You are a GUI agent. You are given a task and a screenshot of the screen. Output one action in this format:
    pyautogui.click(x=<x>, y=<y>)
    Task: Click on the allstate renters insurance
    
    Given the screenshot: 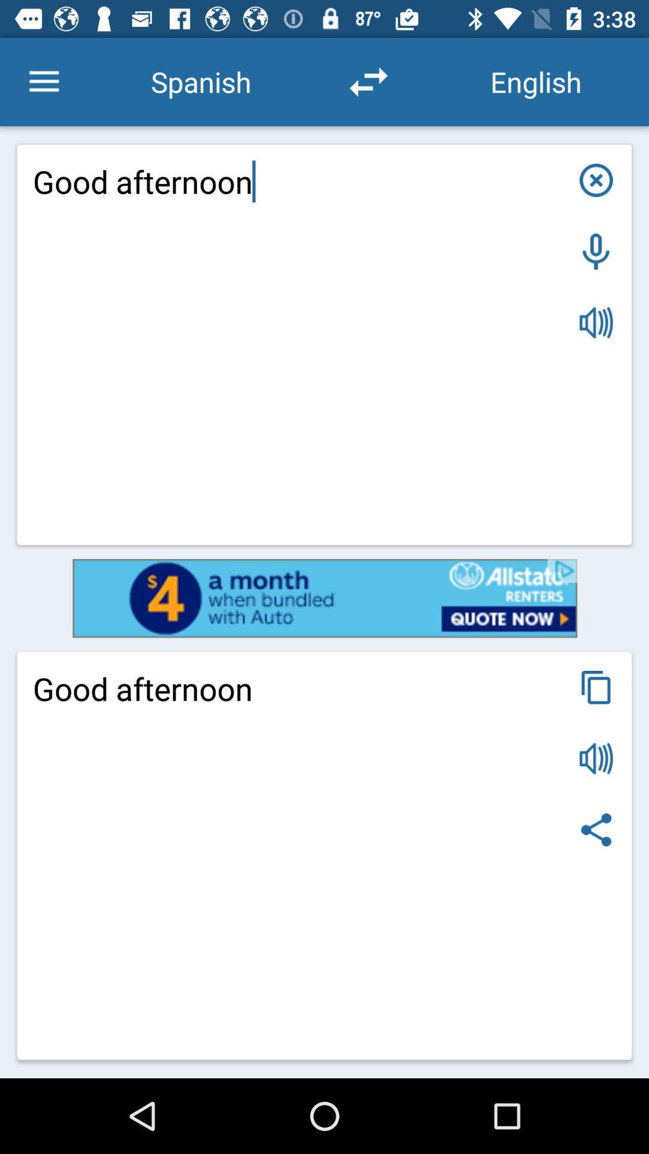 What is the action you would take?
    pyautogui.click(x=324, y=598)
    